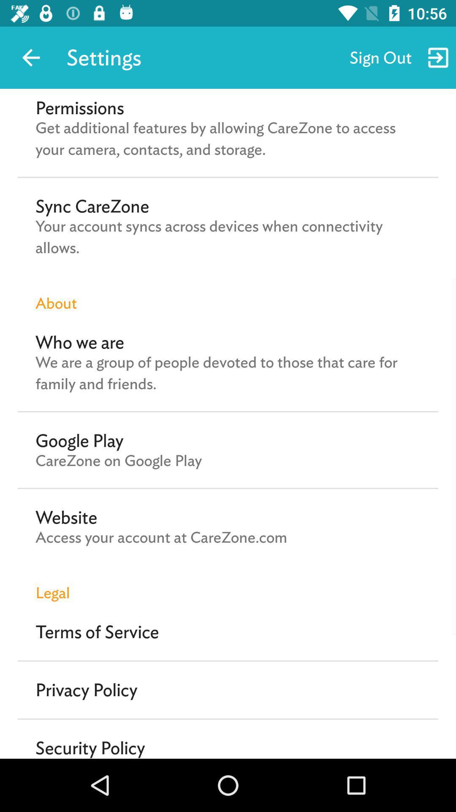 Image resolution: width=456 pixels, height=812 pixels. What do you see at coordinates (86, 690) in the screenshot?
I see `the item above the security policy item` at bounding box center [86, 690].